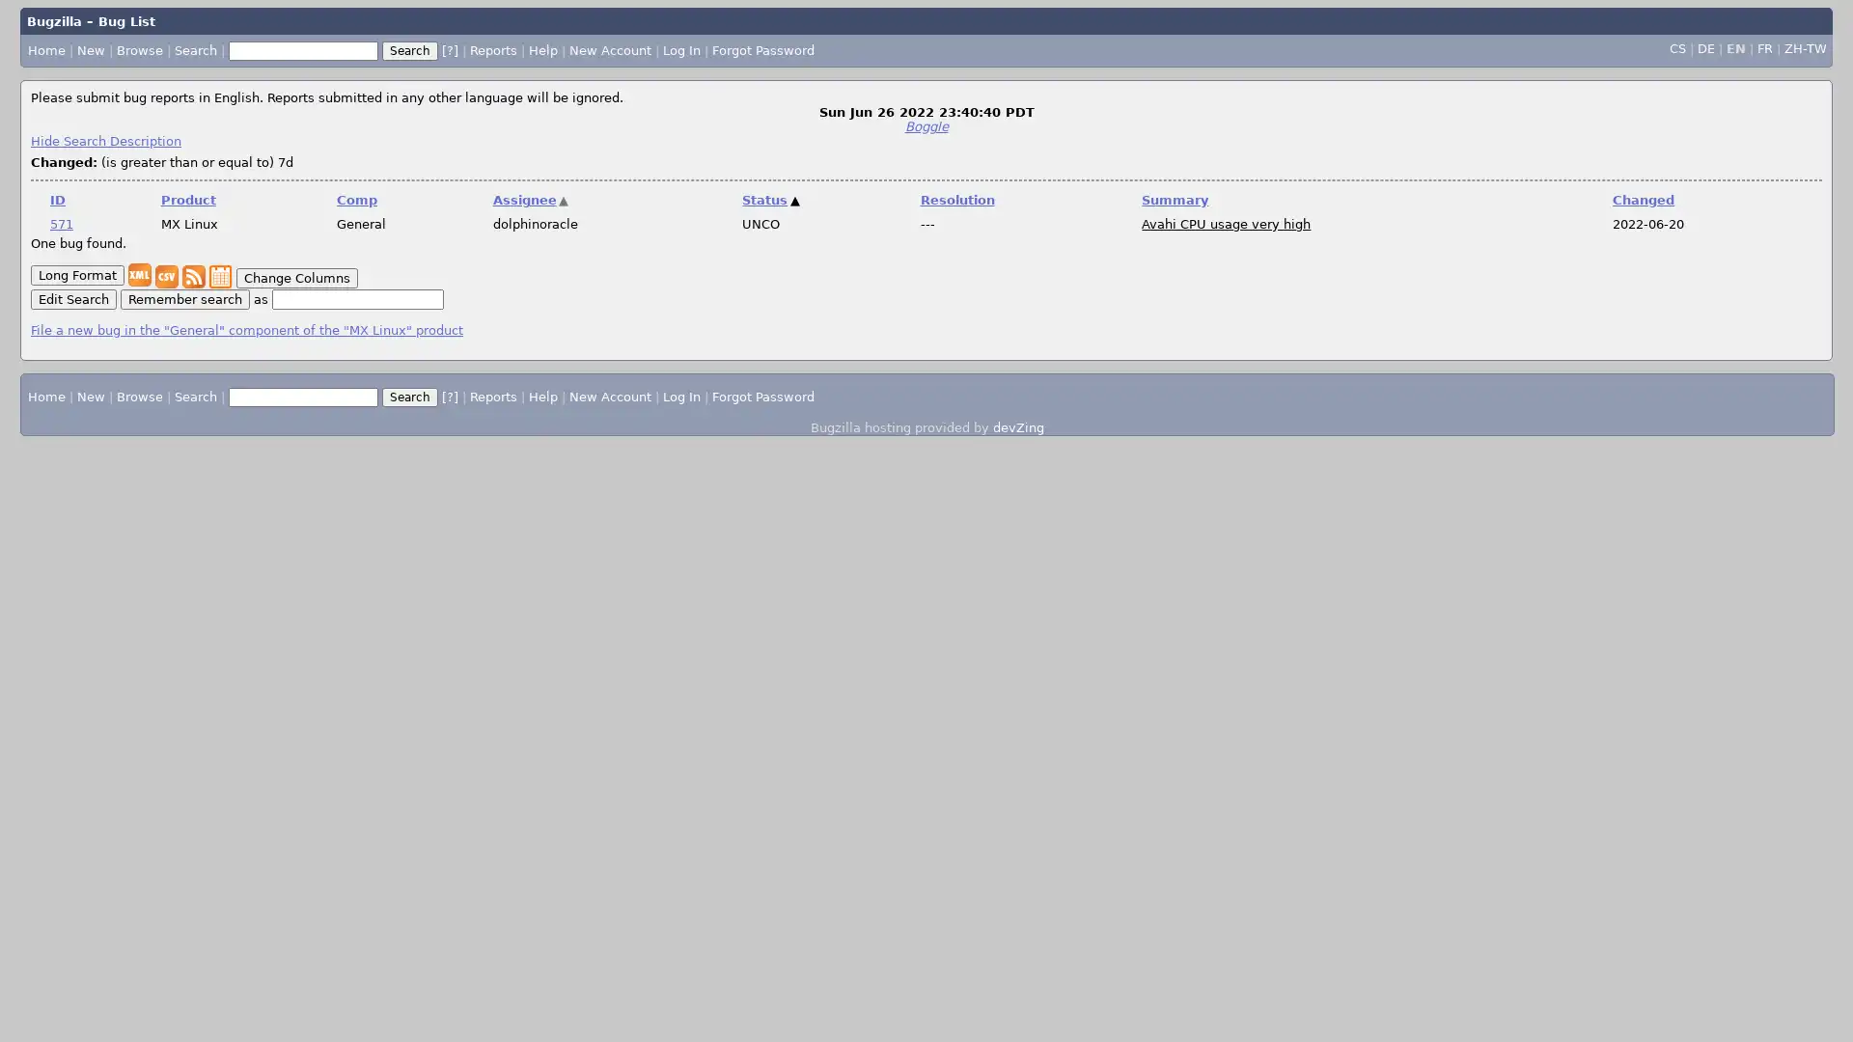 Image resolution: width=1853 pixels, height=1042 pixels. What do you see at coordinates (185, 299) in the screenshot?
I see `Remember search` at bounding box center [185, 299].